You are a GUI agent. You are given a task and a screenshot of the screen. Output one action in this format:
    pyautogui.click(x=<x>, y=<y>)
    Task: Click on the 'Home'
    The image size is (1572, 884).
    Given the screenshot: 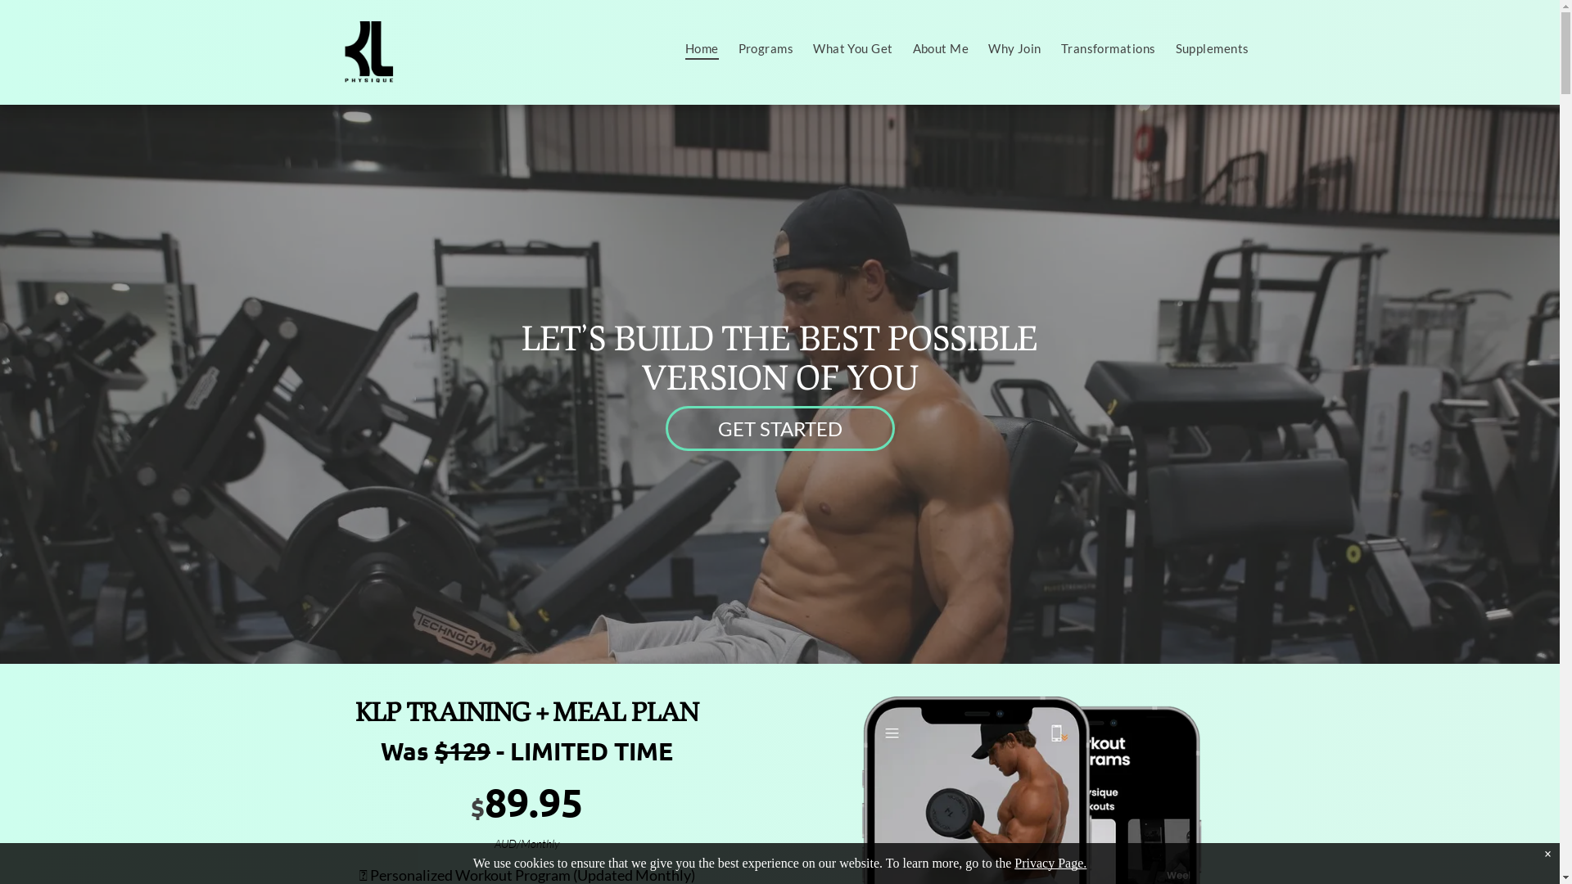 What is the action you would take?
    pyautogui.click(x=702, y=47)
    